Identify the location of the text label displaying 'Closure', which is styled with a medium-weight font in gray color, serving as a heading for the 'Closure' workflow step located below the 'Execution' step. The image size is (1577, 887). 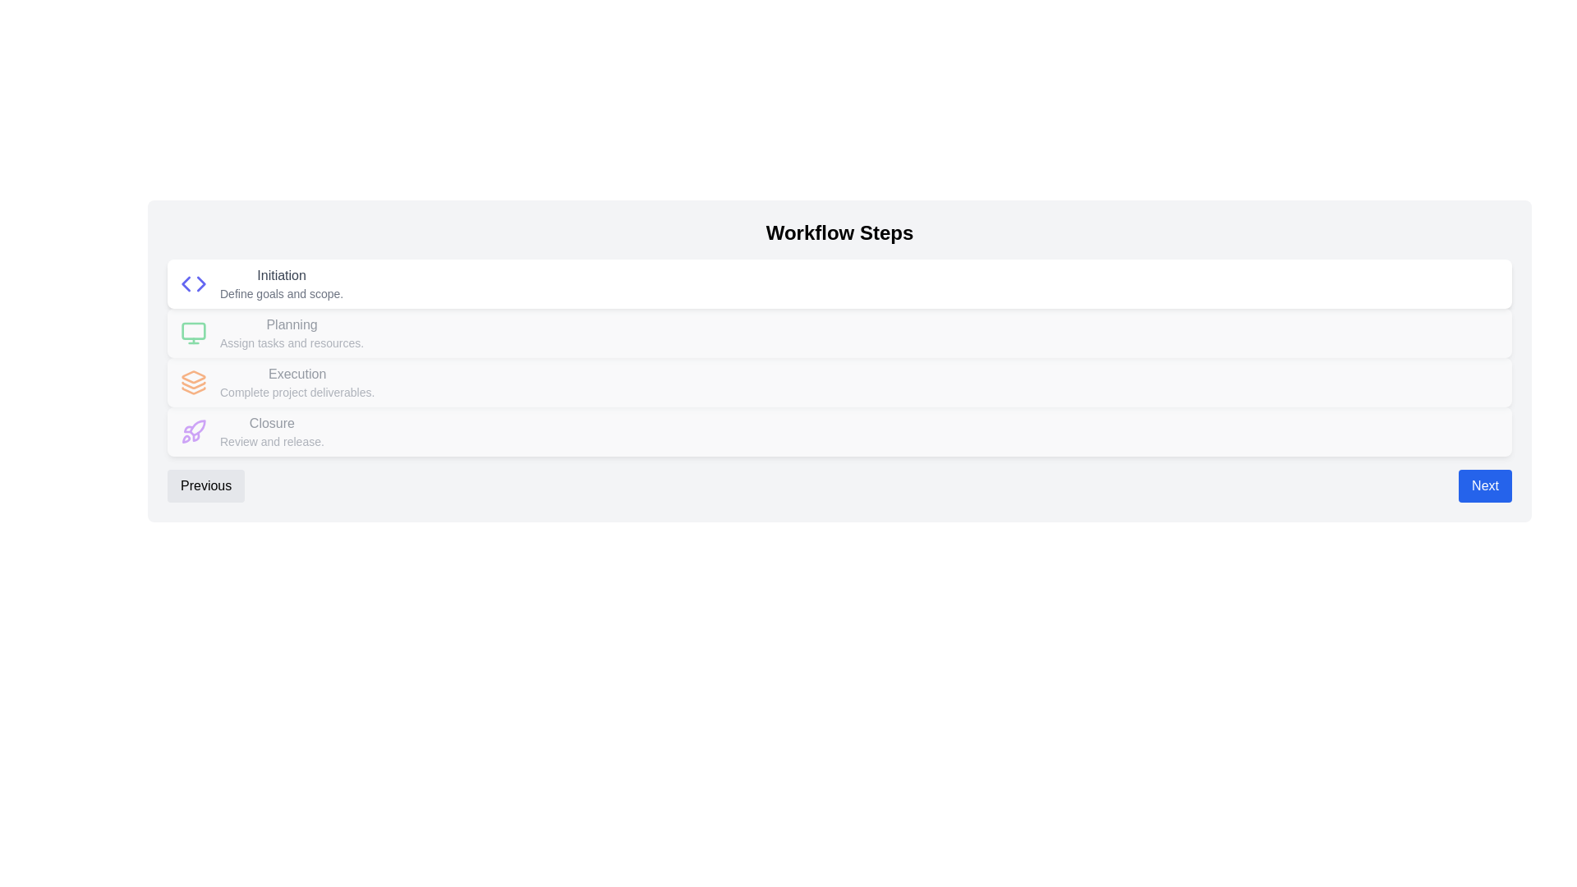
(272, 423).